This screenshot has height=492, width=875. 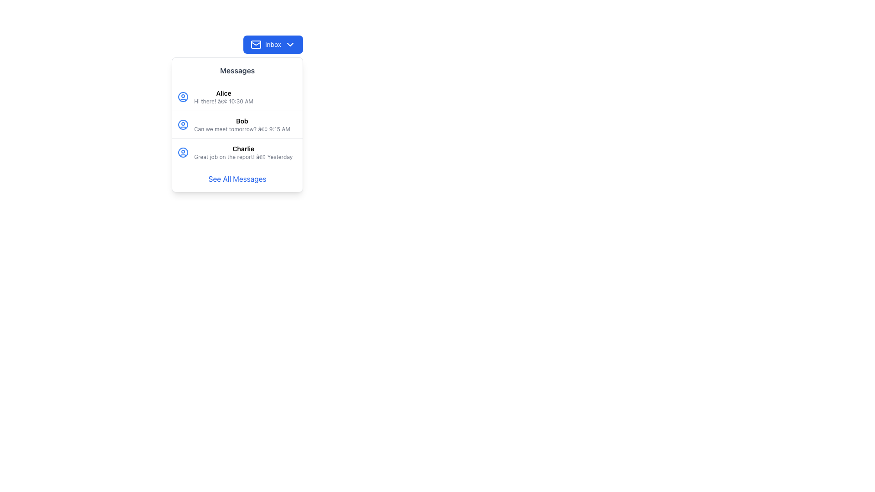 What do you see at coordinates (183, 124) in the screenshot?
I see `the circular blue user icon located adjacent to the text 'Bob', 'Can we meet tomorrow? • 9:15 AM' in the second message item on the card interface` at bounding box center [183, 124].